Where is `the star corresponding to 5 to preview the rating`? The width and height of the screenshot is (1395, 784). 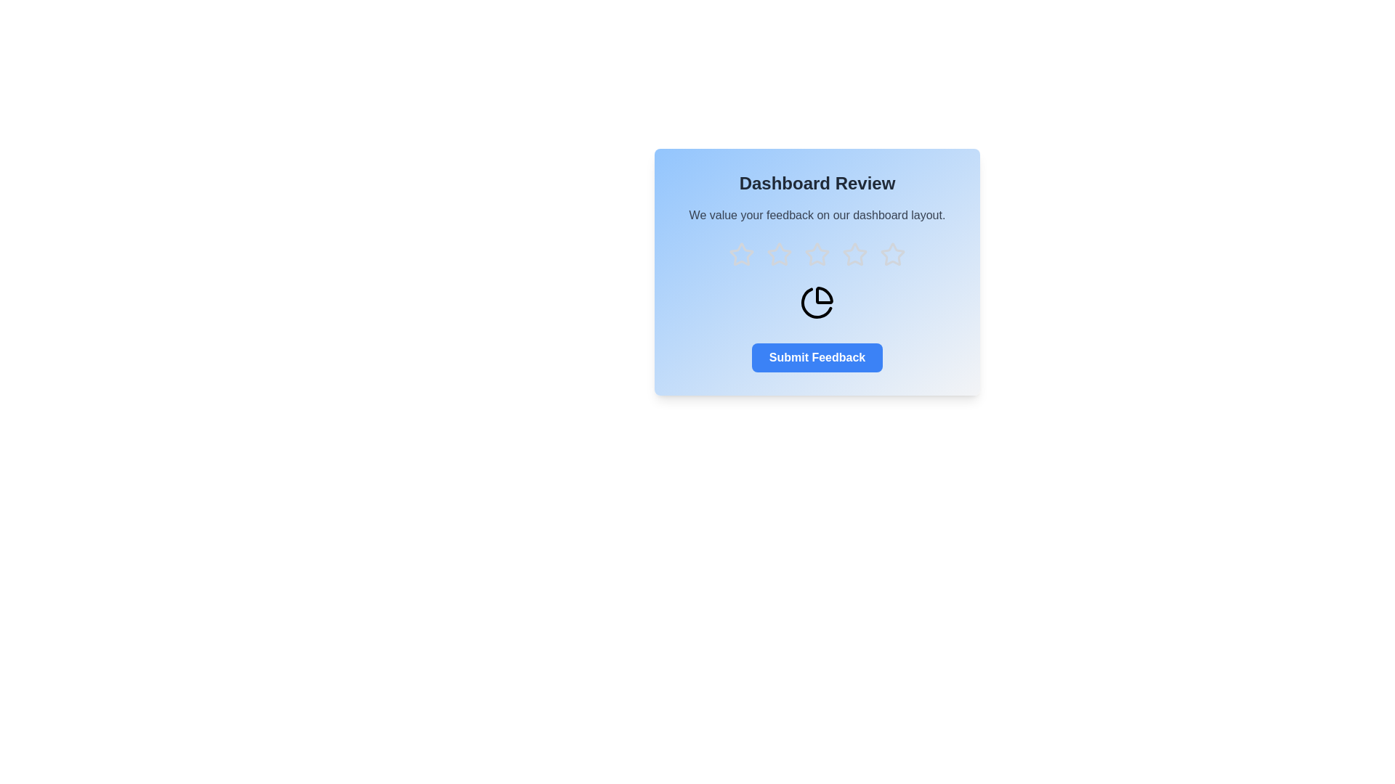
the star corresponding to 5 to preview the rating is located at coordinates (891, 254).